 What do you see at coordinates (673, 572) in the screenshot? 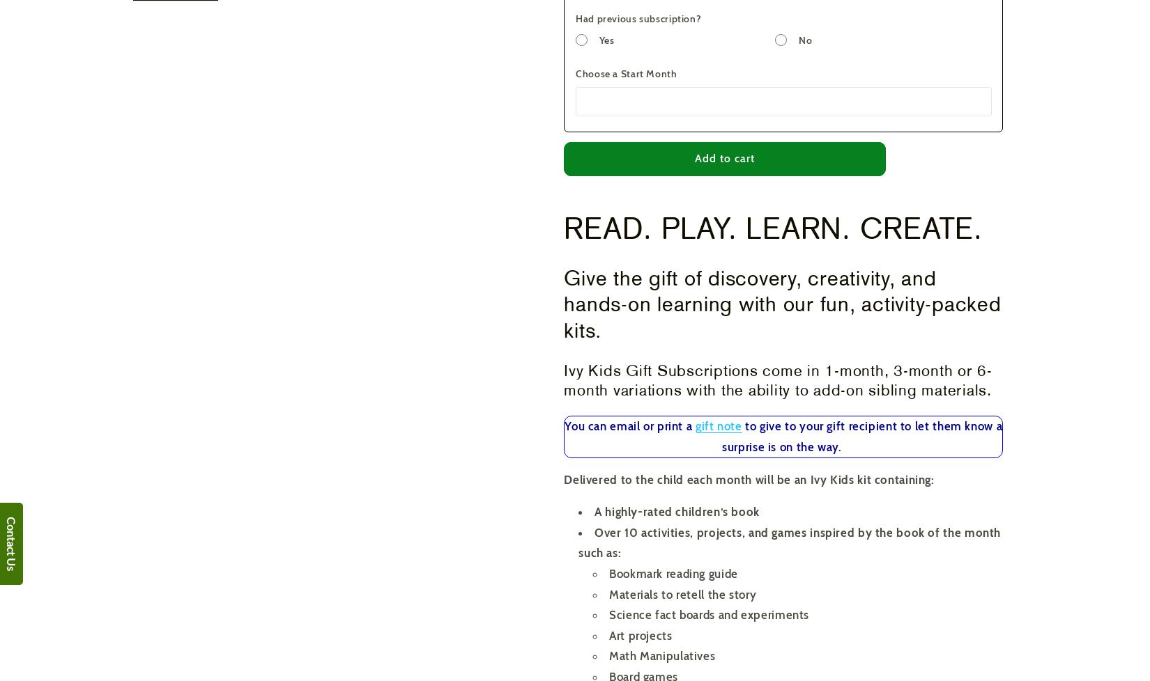
I see `'Bookmark reading guide'` at bounding box center [673, 572].